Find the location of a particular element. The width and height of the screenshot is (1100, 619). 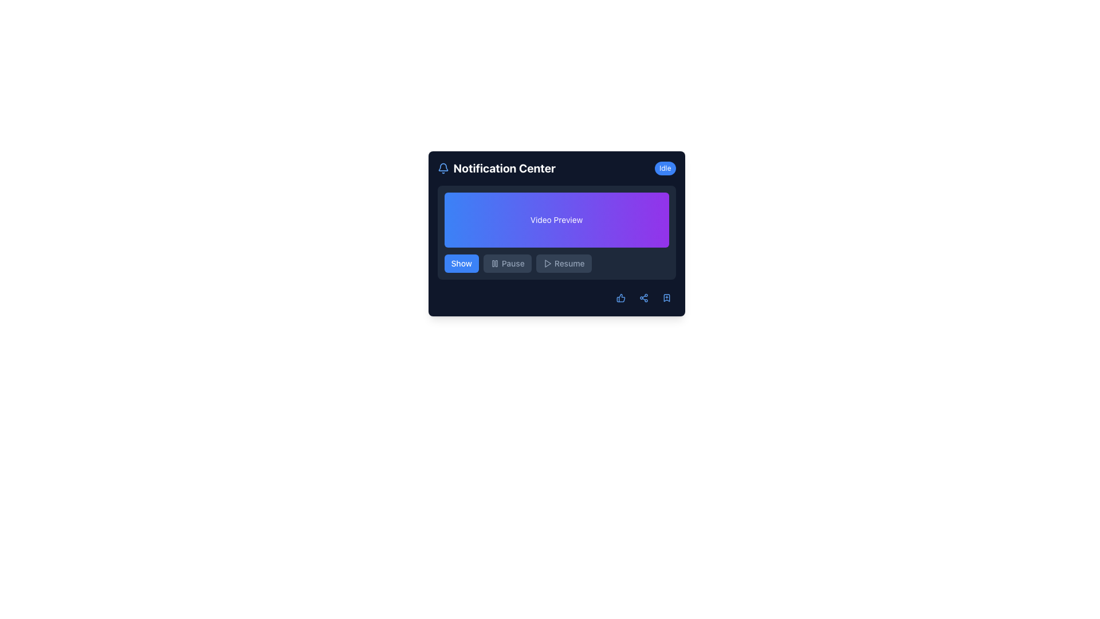

the icon within the 'Pause' button, which symbolizes the action of pausing a process or playback, located above the 'Pause' text is located at coordinates (494, 263).